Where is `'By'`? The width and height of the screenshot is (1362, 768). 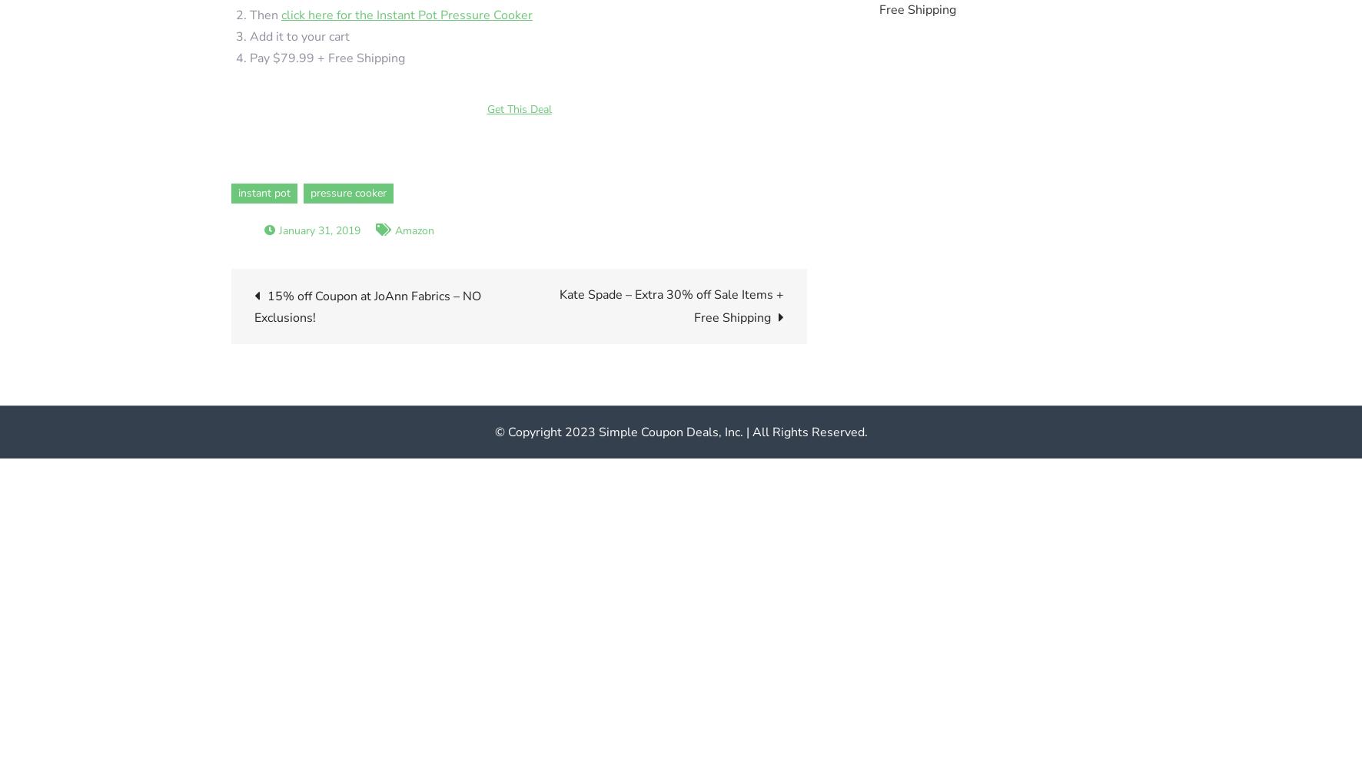
'By' is located at coordinates (239, 230).